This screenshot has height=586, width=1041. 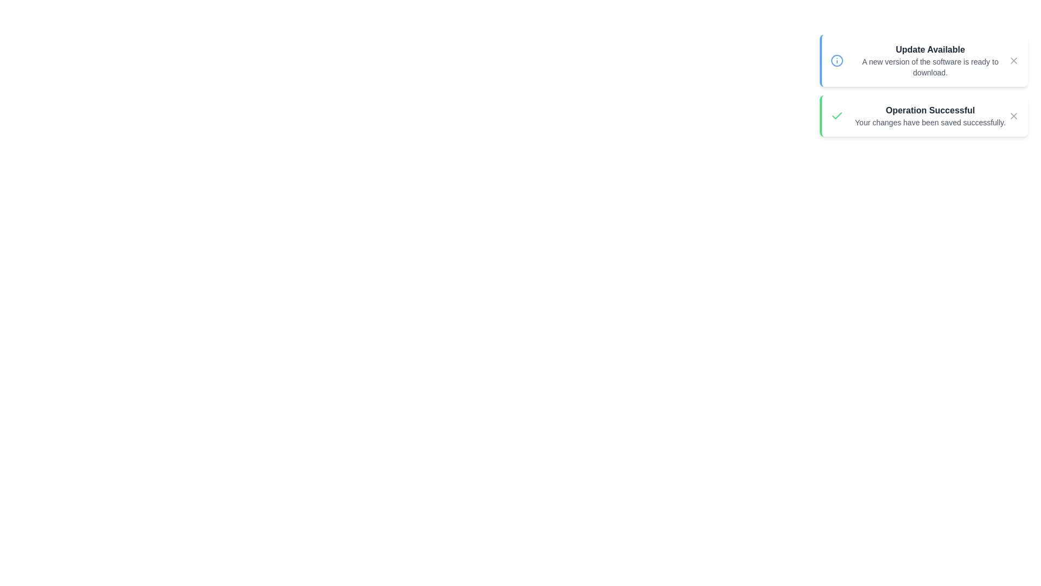 I want to click on the text display that provides a notification about the availability of a software update, located in the first notification card at the top-right of the interface, so click(x=930, y=60).